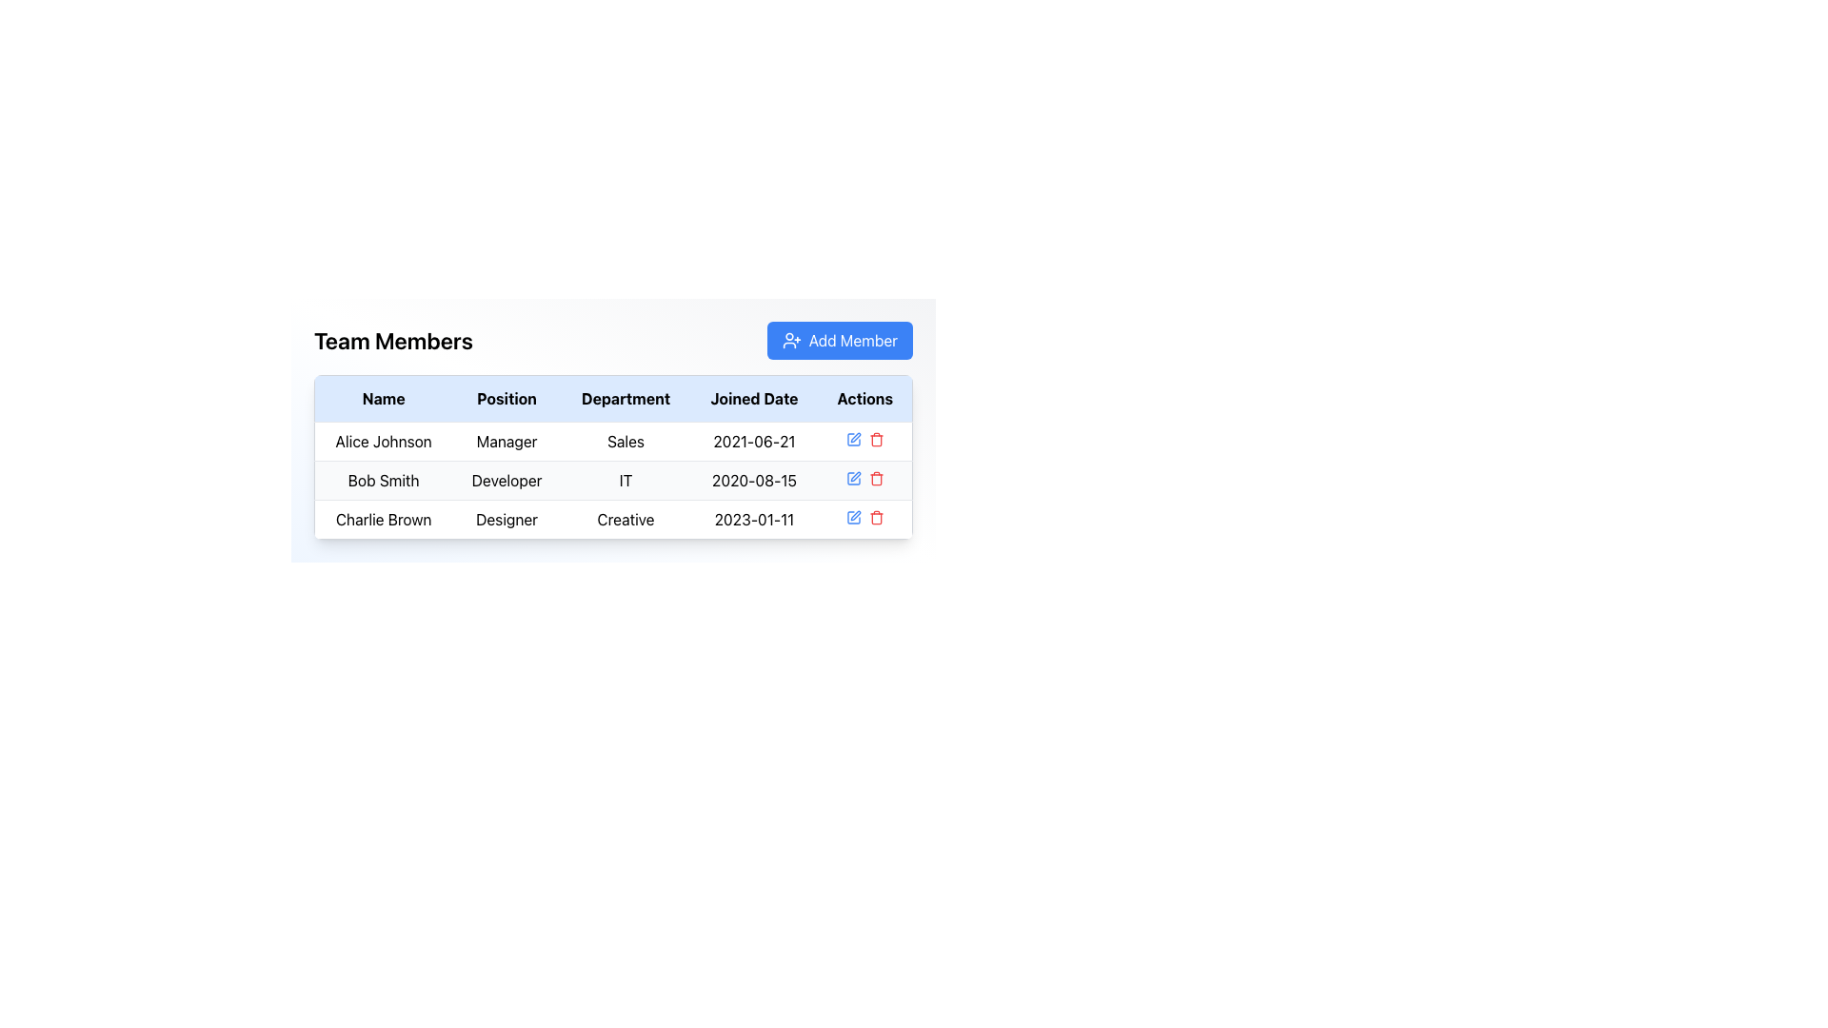 The image size is (1828, 1028). Describe the element at coordinates (626, 480) in the screenshot. I see `the textual label for the department 'IT' associated with 'Bob Smith' in the table under the 'Department' column` at that location.